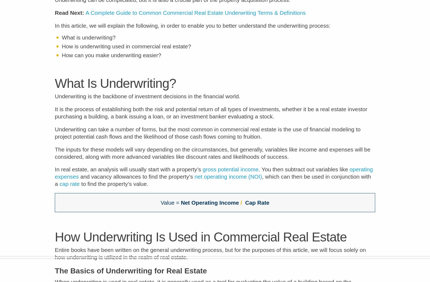 The width and height of the screenshot is (430, 282). Describe the element at coordinates (201, 240) in the screenshot. I see `'How Underwriting Is Used in Commercial Real Estate'` at that location.